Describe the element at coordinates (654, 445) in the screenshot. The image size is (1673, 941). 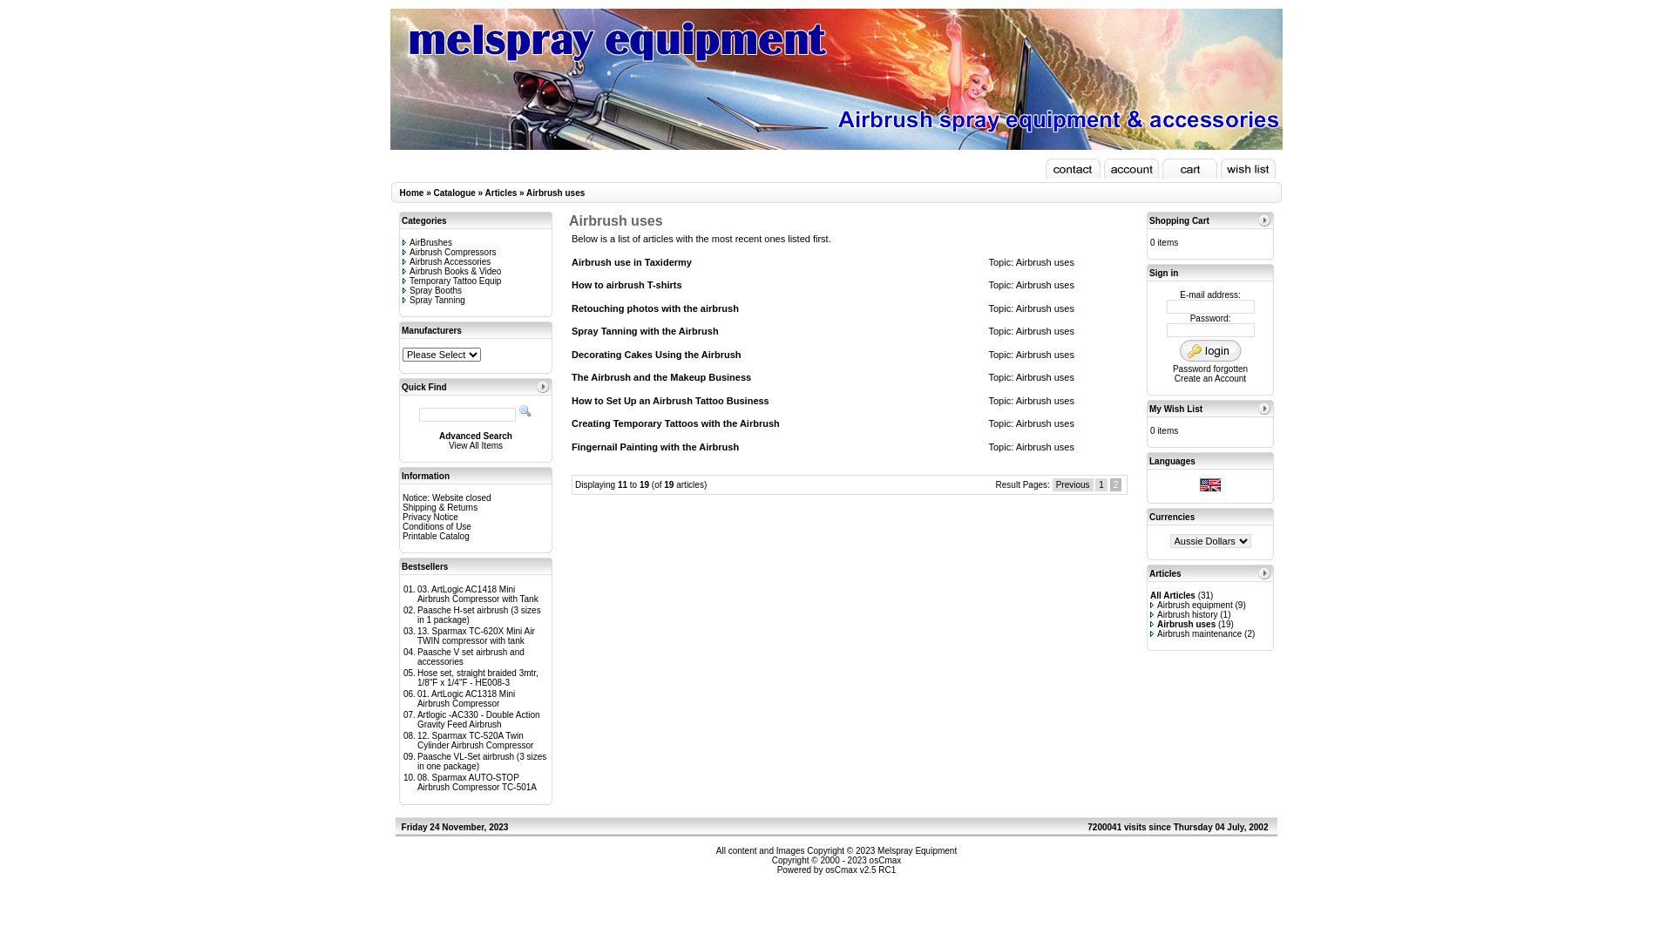
I see `'Fingernail Painting with the Airbrush'` at that location.